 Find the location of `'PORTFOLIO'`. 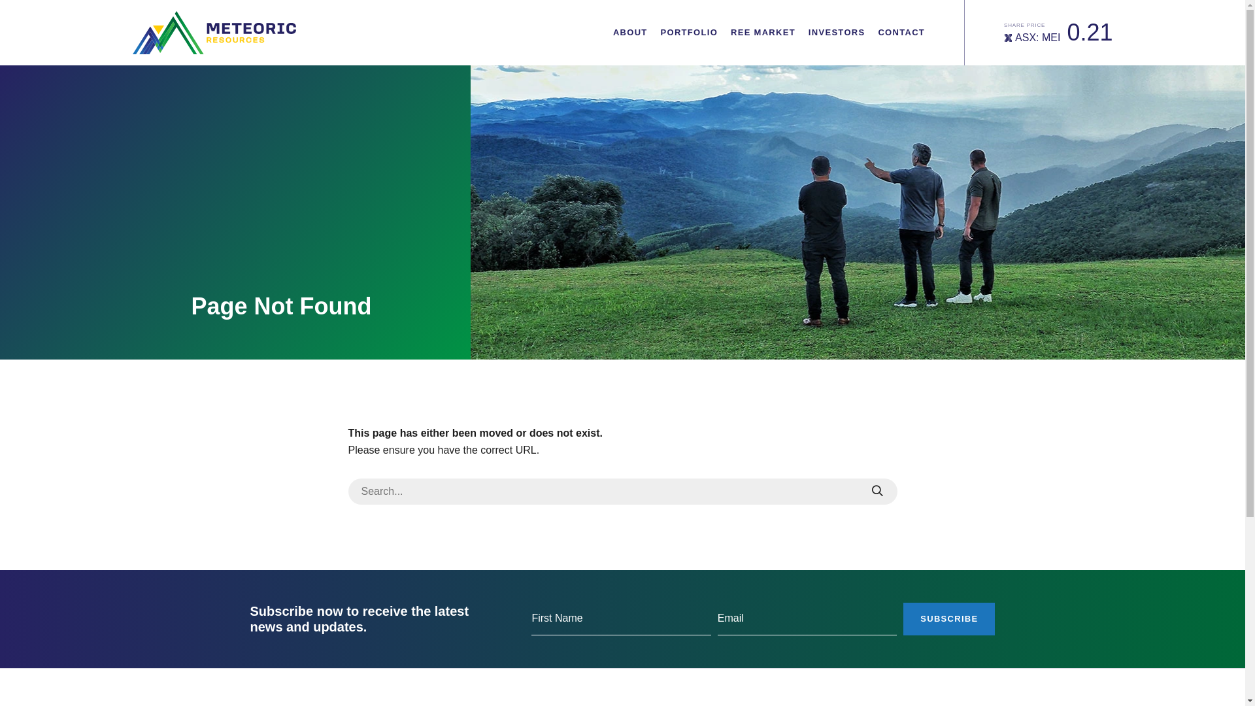

'PORTFOLIO' is located at coordinates (689, 32).